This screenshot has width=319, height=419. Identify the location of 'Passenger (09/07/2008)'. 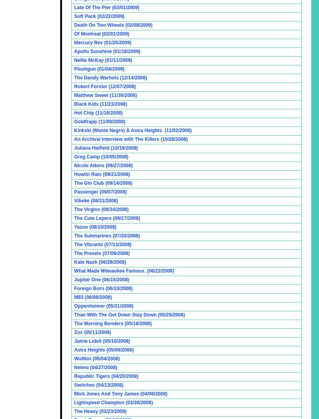
(100, 192).